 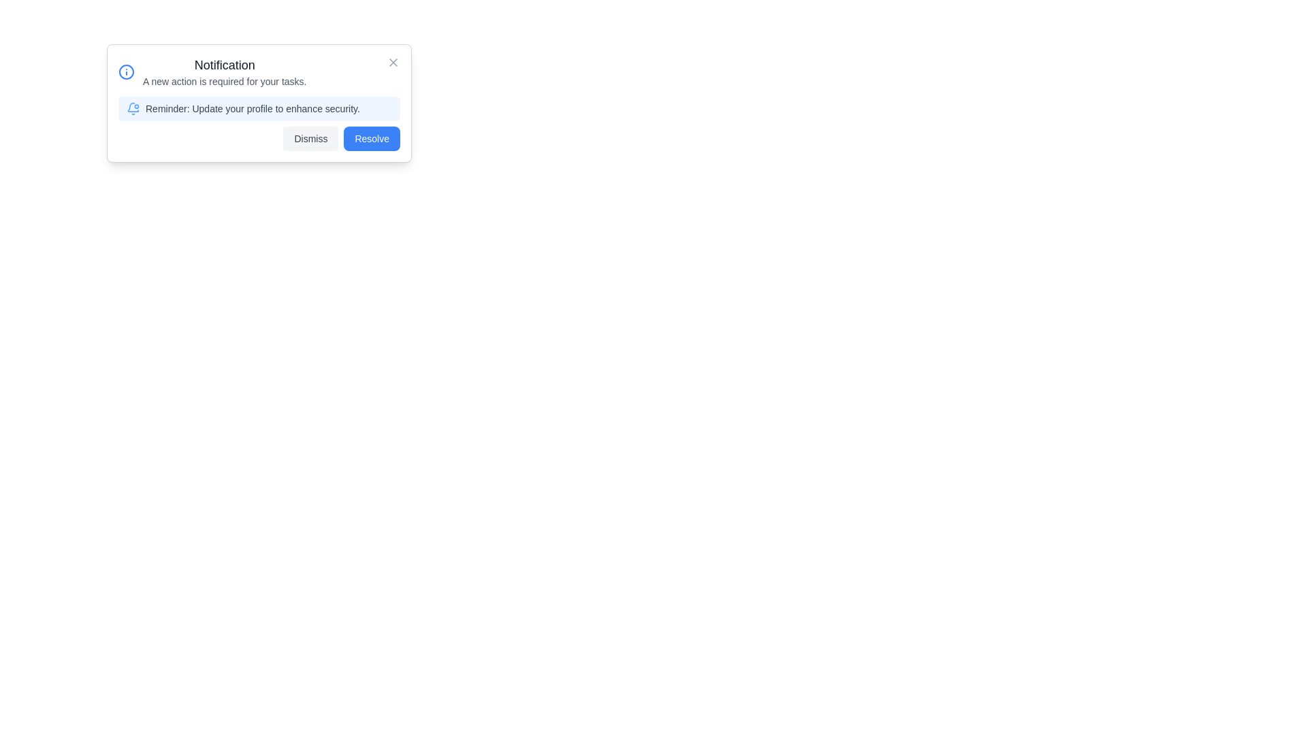 I want to click on the text label reading 'A new action is required for your tasks.' which is styled in gray and positioned below the 'Notification' heading in the modal window, so click(x=225, y=81).